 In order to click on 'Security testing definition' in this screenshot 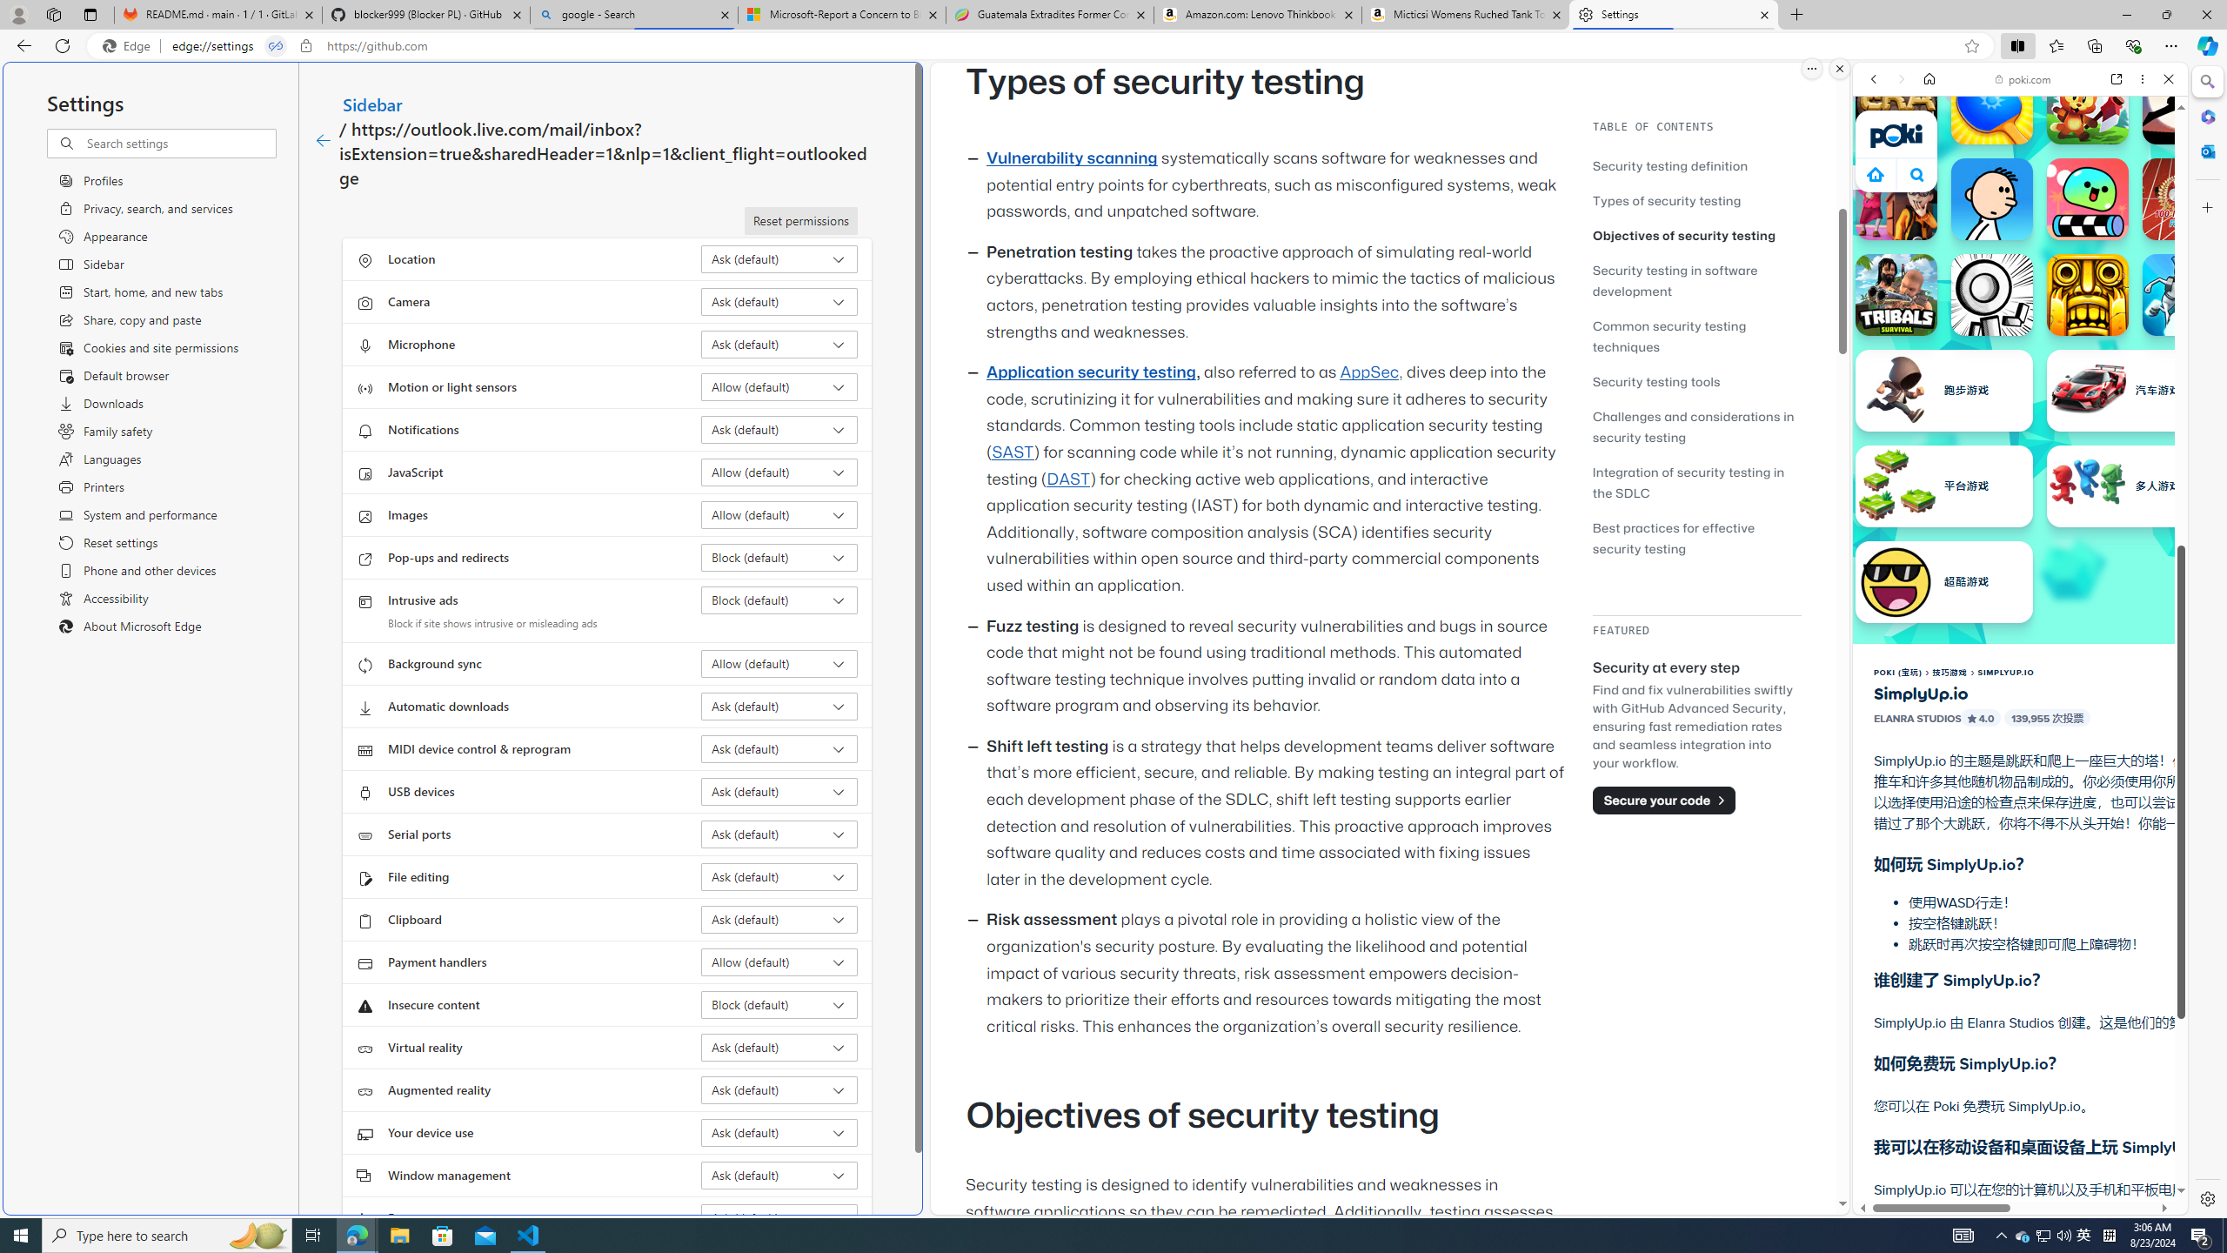, I will do `click(1695, 164)`.